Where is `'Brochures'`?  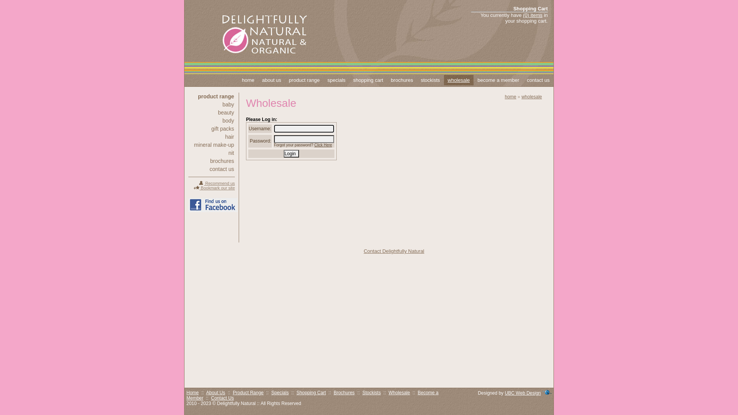
'Brochures' is located at coordinates (334, 393).